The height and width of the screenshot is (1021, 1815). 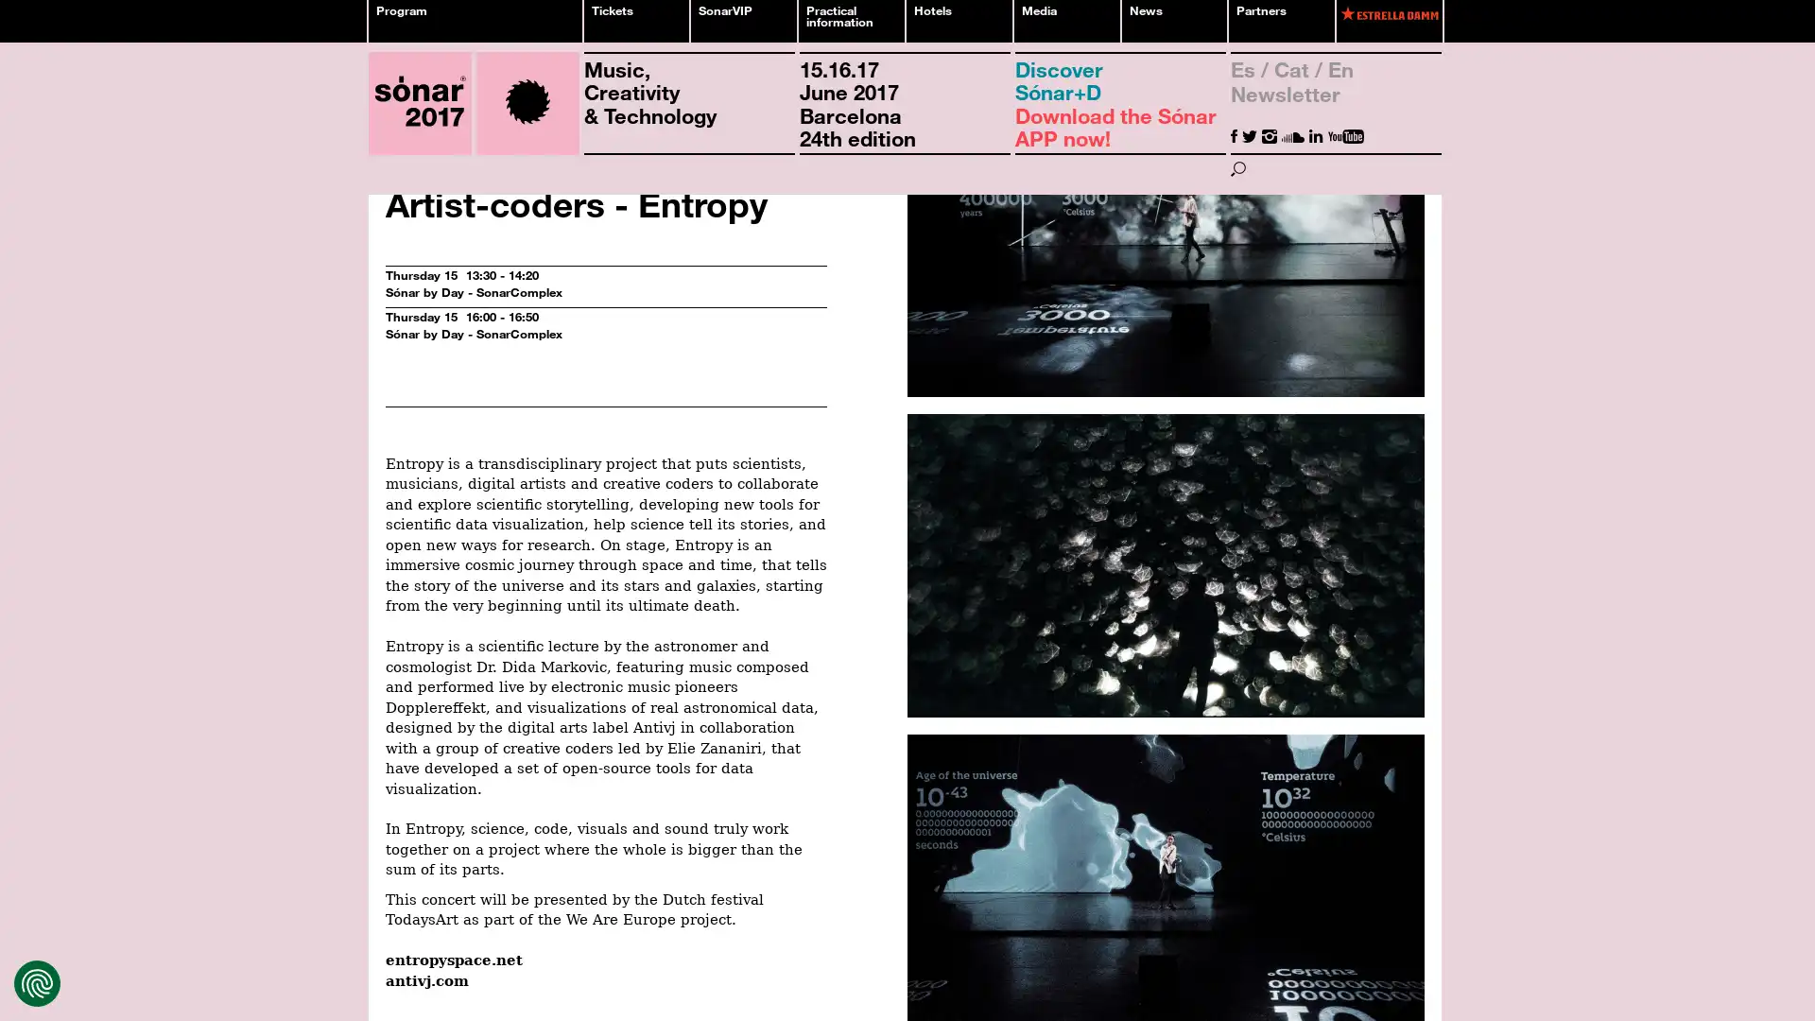 What do you see at coordinates (37, 982) in the screenshot?
I see `Privacy settings` at bounding box center [37, 982].